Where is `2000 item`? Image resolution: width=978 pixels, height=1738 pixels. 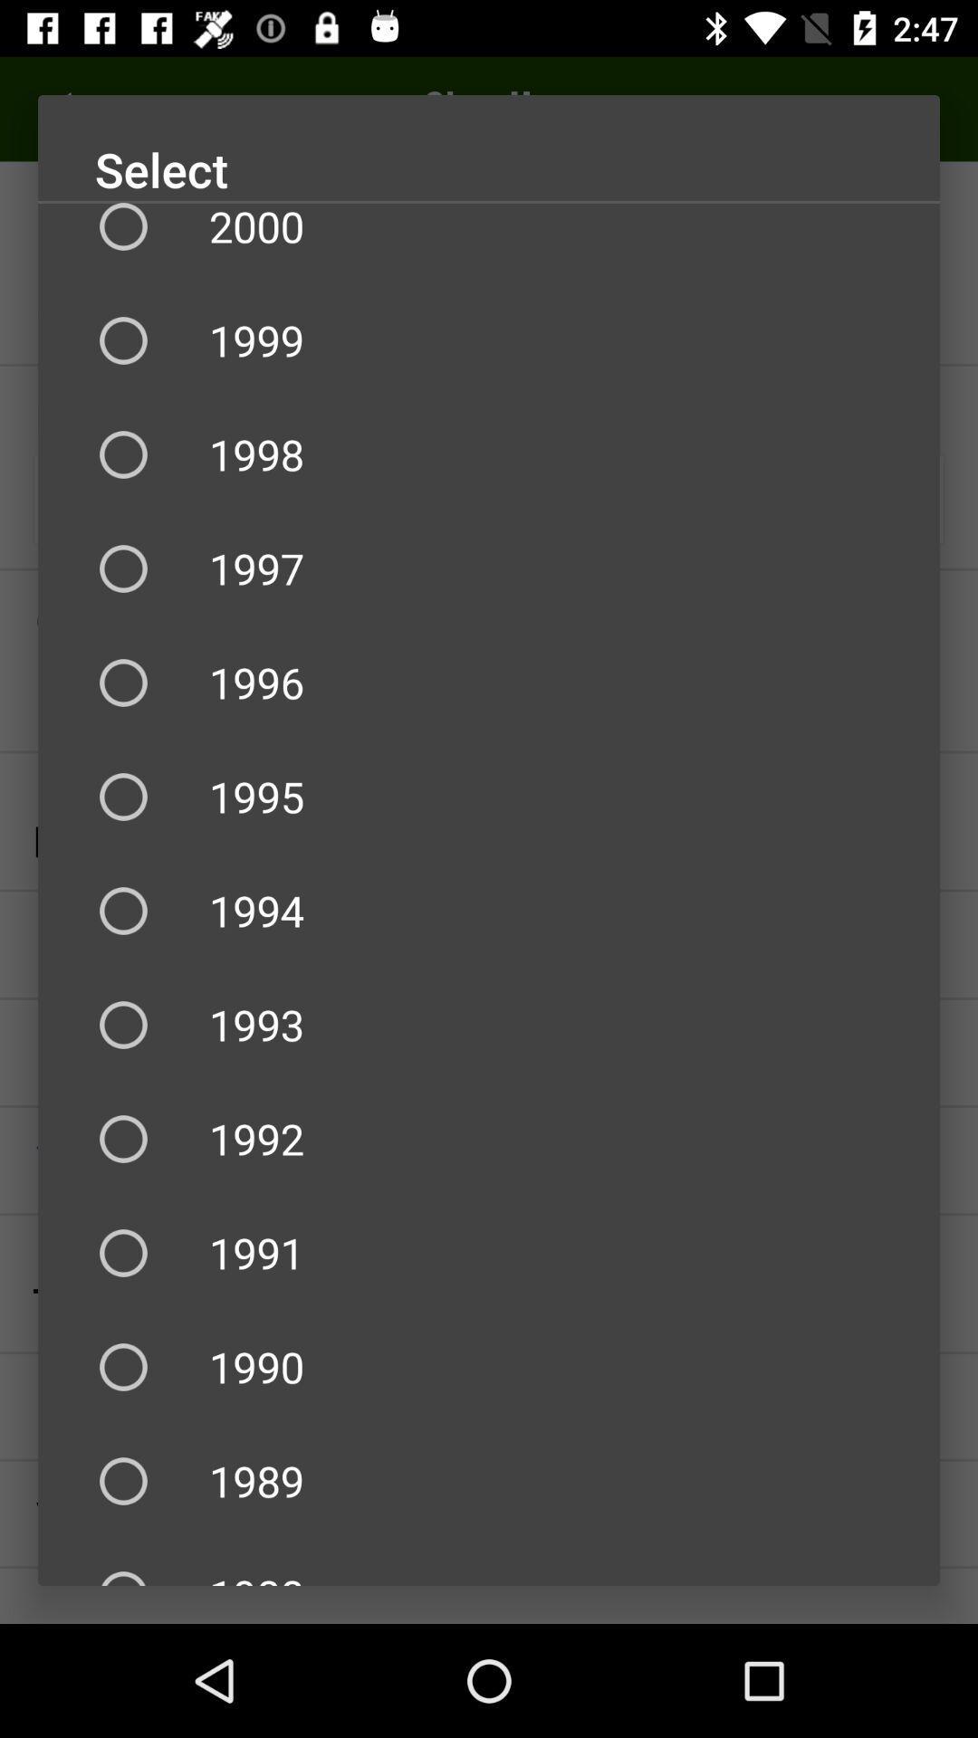
2000 item is located at coordinates (489, 241).